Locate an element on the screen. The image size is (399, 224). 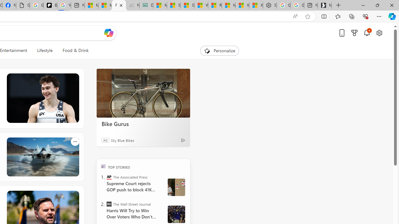
'R******* | Trusted Community Engagement and Contributions' is located at coordinates (215, 5).